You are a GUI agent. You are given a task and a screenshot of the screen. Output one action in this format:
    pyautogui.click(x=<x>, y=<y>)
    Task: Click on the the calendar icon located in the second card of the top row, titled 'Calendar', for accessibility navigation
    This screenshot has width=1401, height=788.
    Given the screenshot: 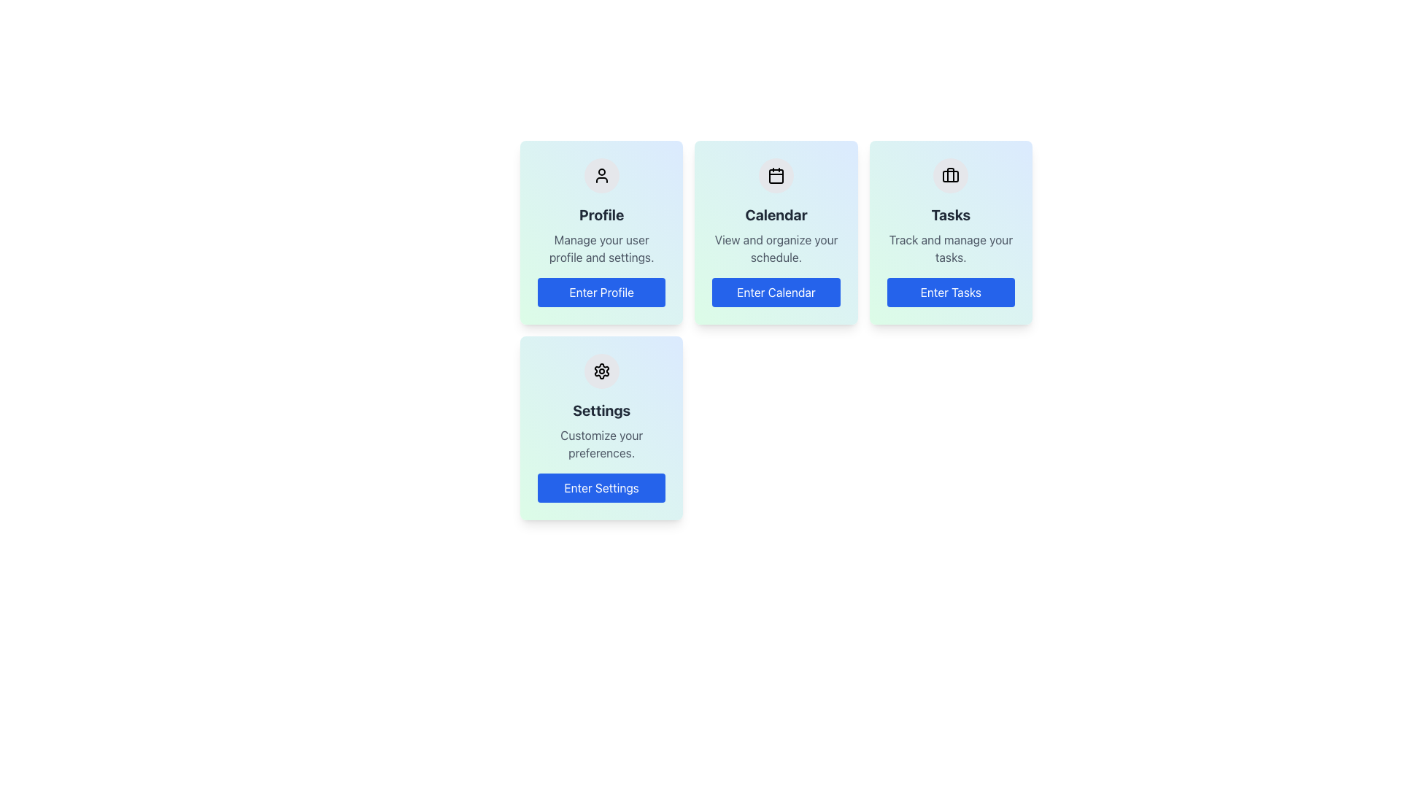 What is the action you would take?
    pyautogui.click(x=776, y=174)
    